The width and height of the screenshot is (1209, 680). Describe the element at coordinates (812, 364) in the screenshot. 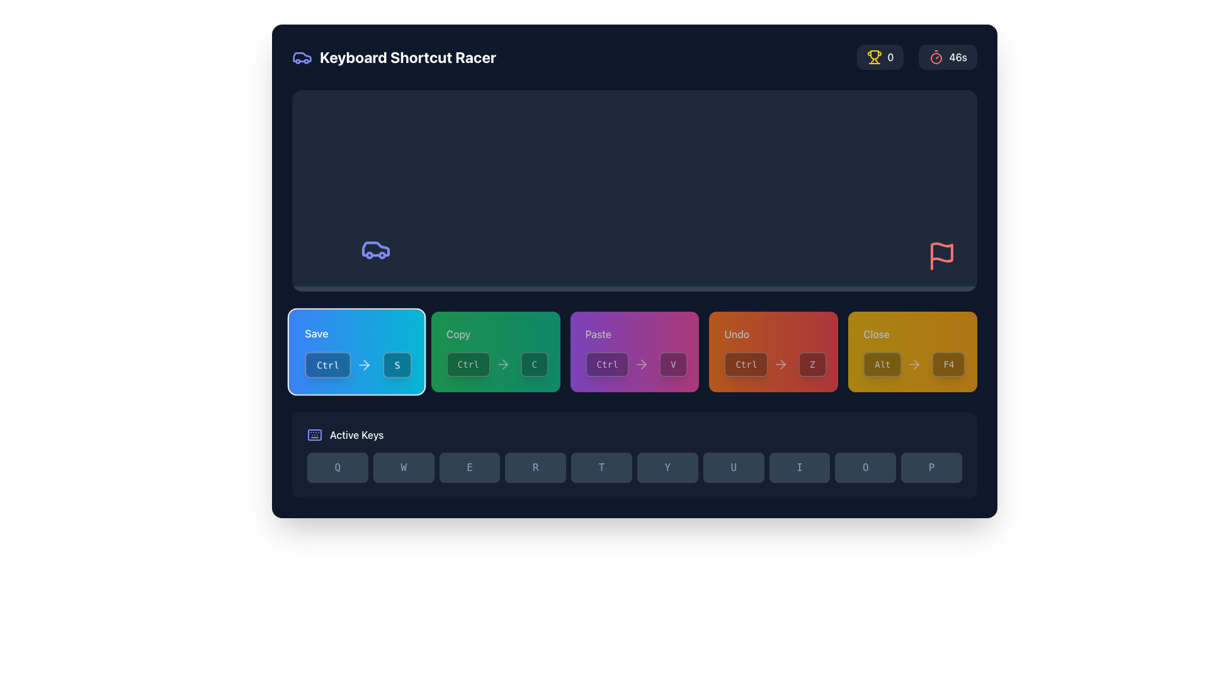

I see `the keyboard key representation` at that location.